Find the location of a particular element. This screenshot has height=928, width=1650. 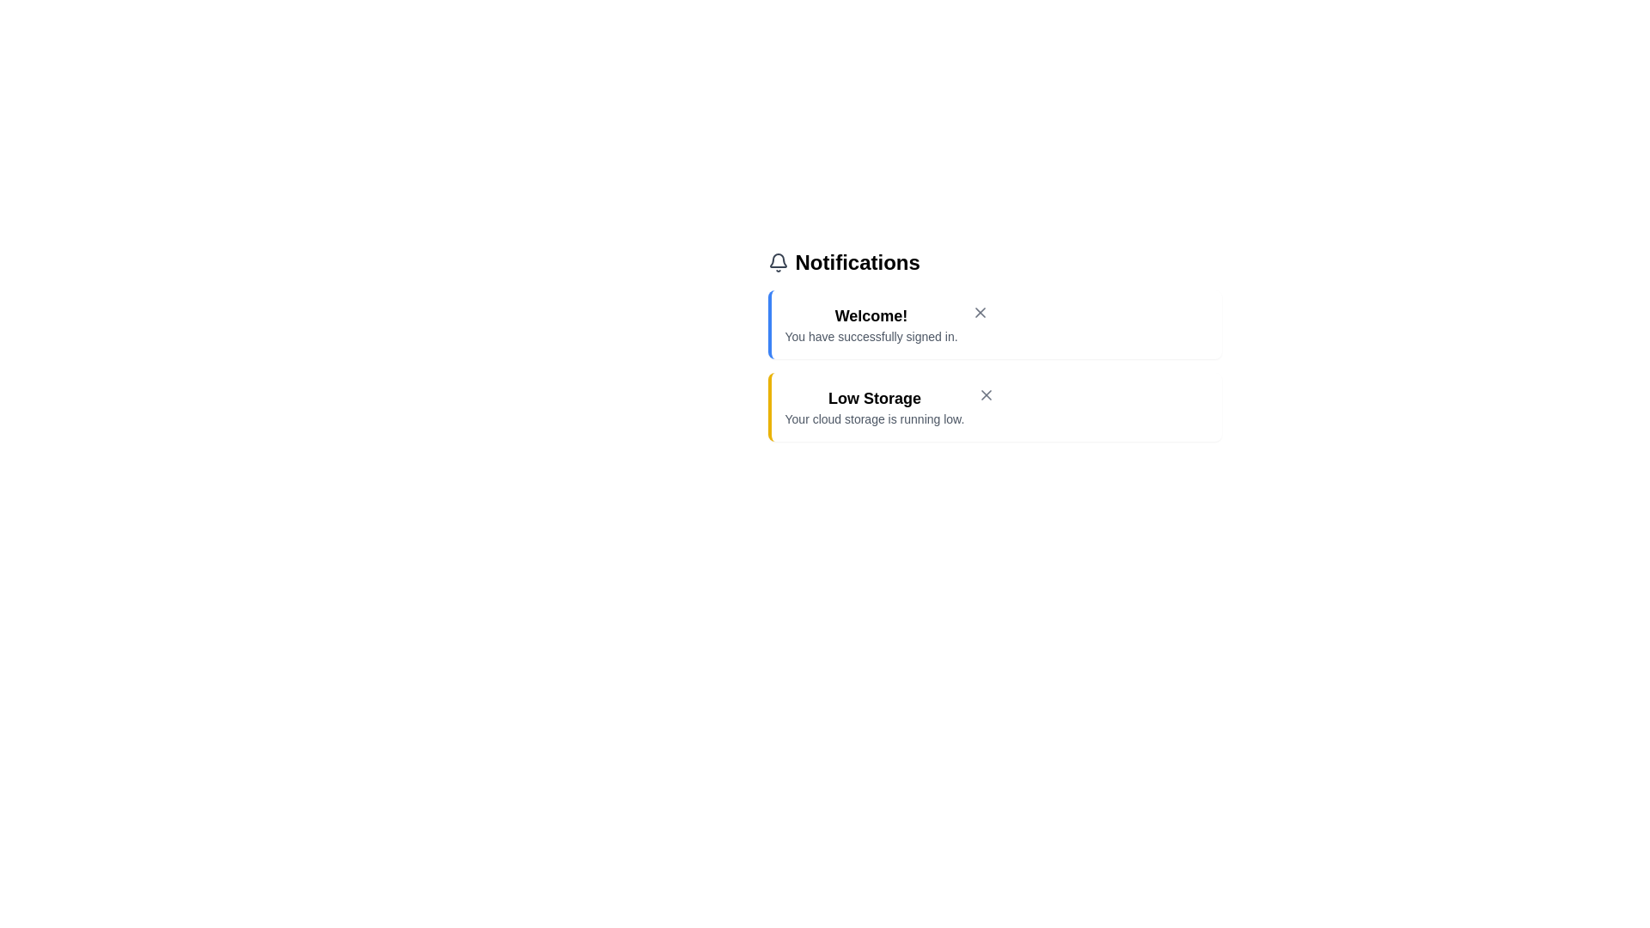

content displayed in the text component within the first notification box, which includes 'Welcome!' in bold and 'You have successfully signed in.' in smaller font beneath it is located at coordinates (871, 325).